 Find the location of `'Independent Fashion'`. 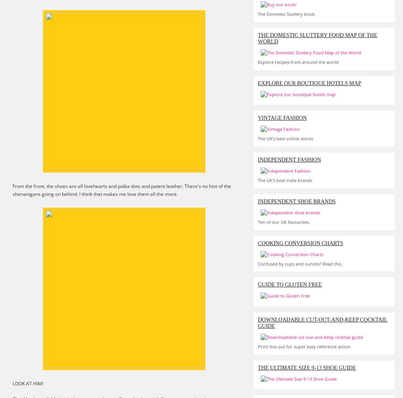

'Independent Fashion' is located at coordinates (289, 159).